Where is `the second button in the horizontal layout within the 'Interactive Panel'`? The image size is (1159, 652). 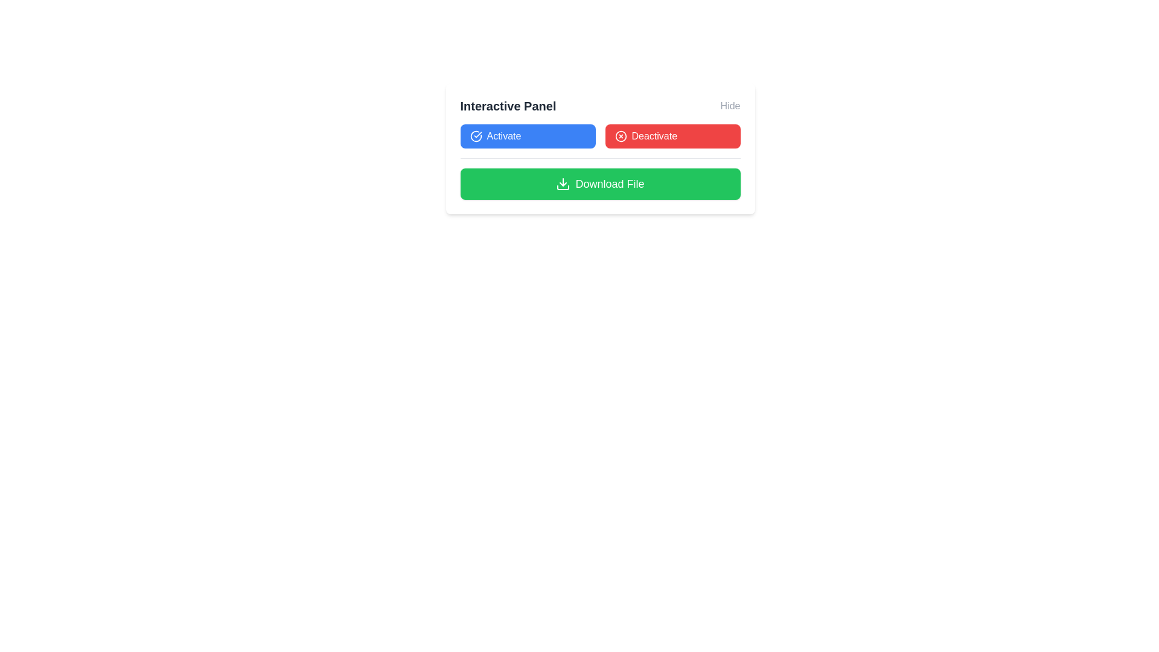
the second button in the horizontal layout within the 'Interactive Panel' is located at coordinates (672, 136).